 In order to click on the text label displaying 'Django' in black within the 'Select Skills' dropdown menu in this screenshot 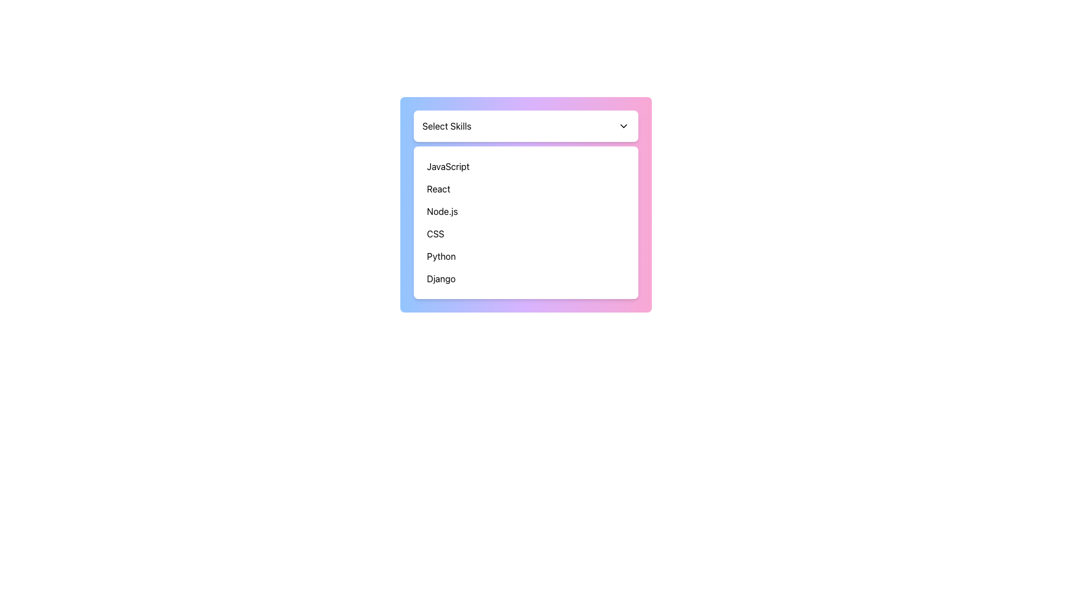, I will do `click(441, 278)`.